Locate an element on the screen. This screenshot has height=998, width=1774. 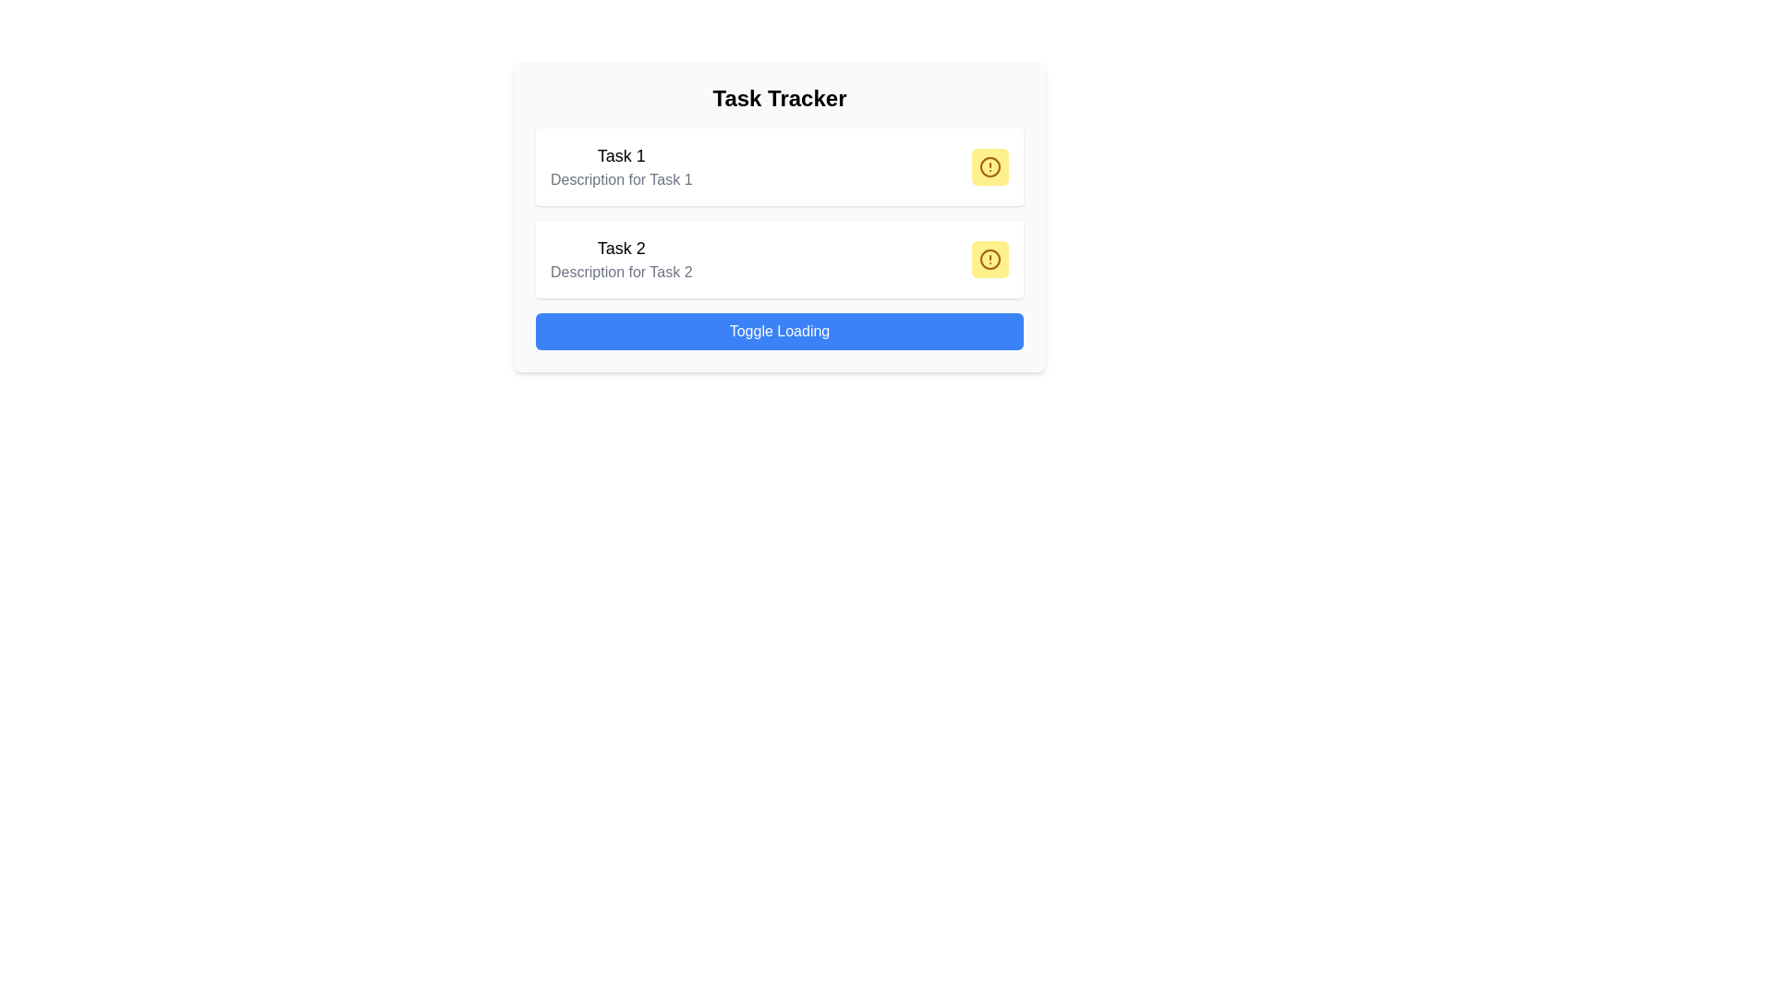
the circular alert element with a yellow background and brown border located in the center of the 'Task 2' icon is located at coordinates (989, 260).